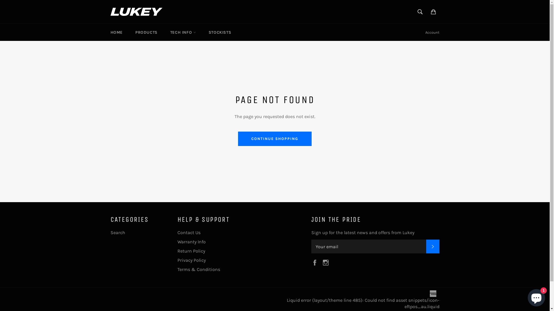 This screenshot has height=311, width=554. What do you see at coordinates (117, 232) in the screenshot?
I see `'Search'` at bounding box center [117, 232].